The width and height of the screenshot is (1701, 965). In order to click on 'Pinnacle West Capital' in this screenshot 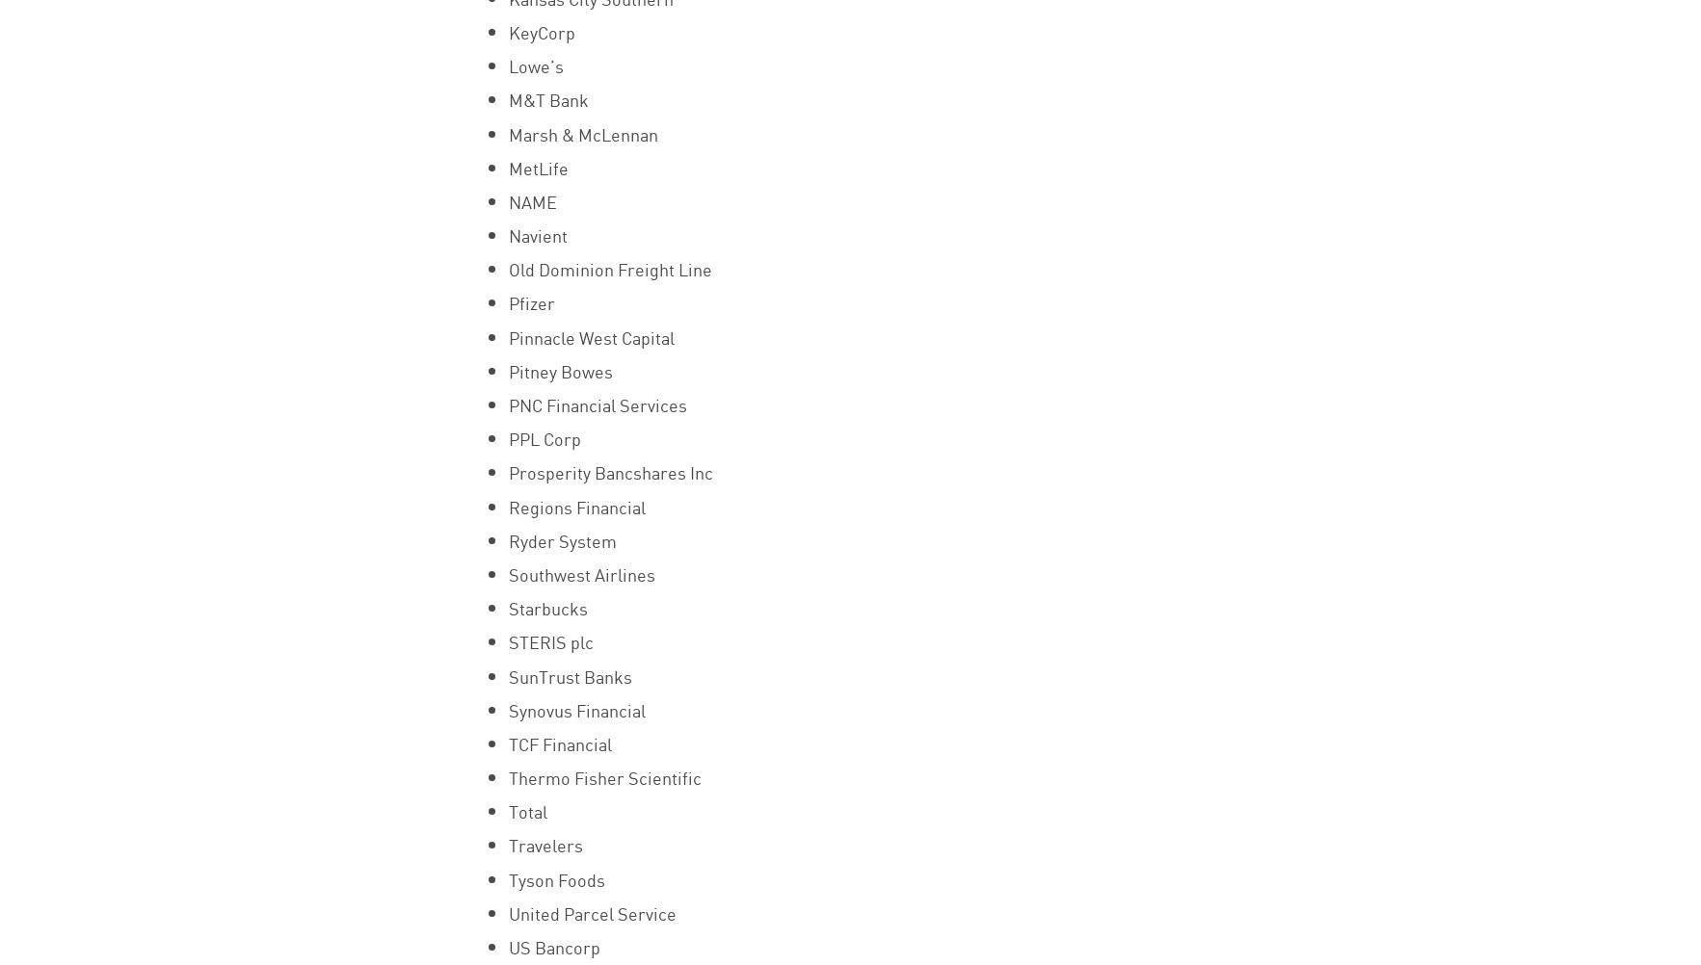, I will do `click(589, 335)`.